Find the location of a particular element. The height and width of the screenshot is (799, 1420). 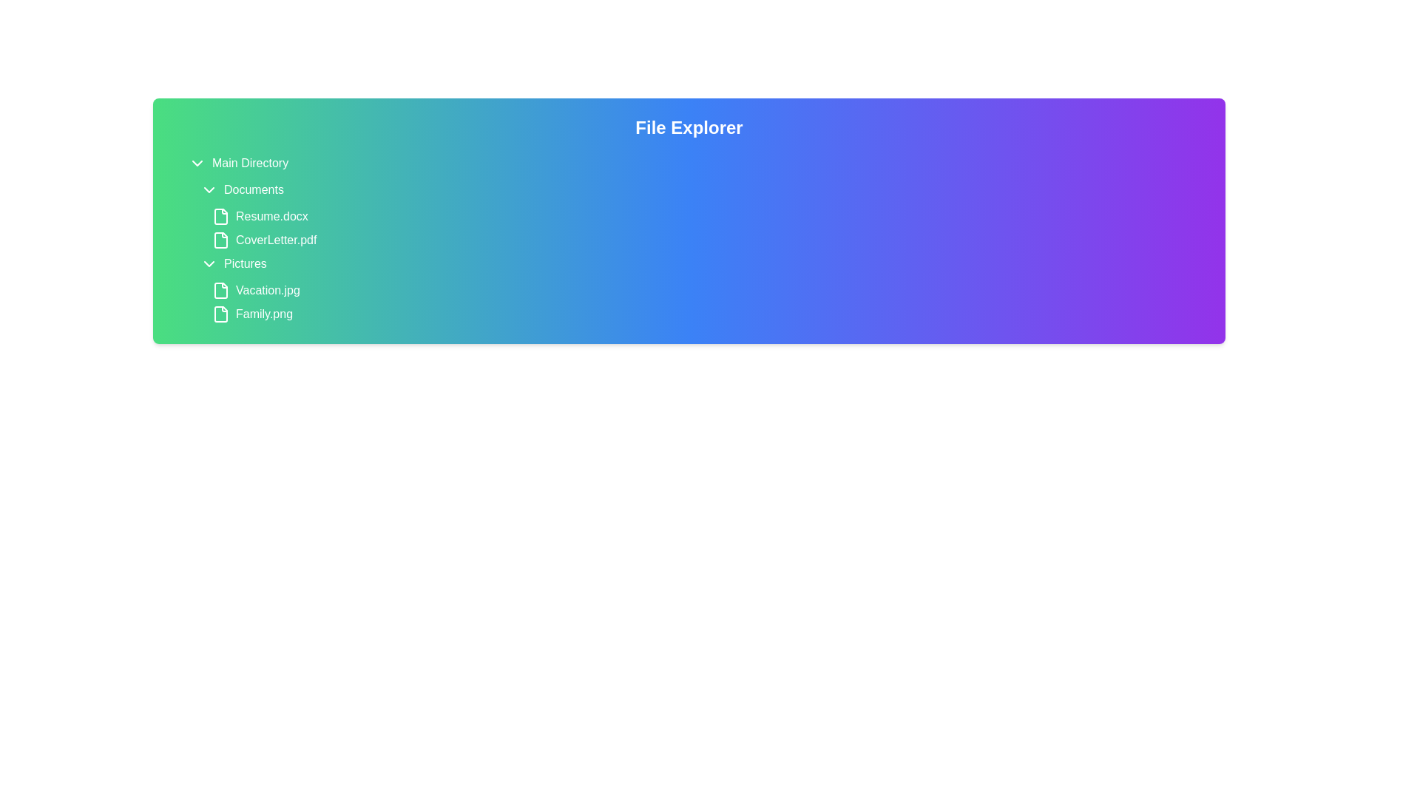

the text label representing the filename 'Resume.docx' is located at coordinates (271, 217).